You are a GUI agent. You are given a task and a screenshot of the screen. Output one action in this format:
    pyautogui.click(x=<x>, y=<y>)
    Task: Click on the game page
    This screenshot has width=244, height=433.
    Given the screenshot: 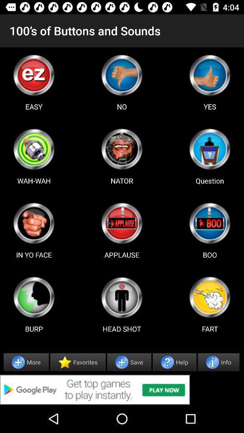 What is the action you would take?
    pyautogui.click(x=33, y=149)
    